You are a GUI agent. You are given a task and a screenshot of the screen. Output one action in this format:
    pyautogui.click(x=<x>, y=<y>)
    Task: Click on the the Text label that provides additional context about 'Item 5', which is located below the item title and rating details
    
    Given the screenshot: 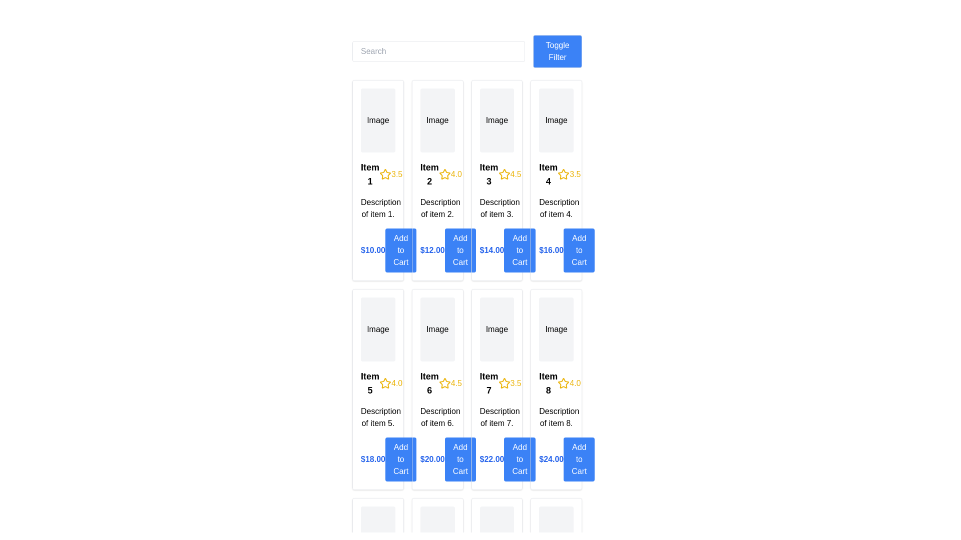 What is the action you would take?
    pyautogui.click(x=377, y=417)
    